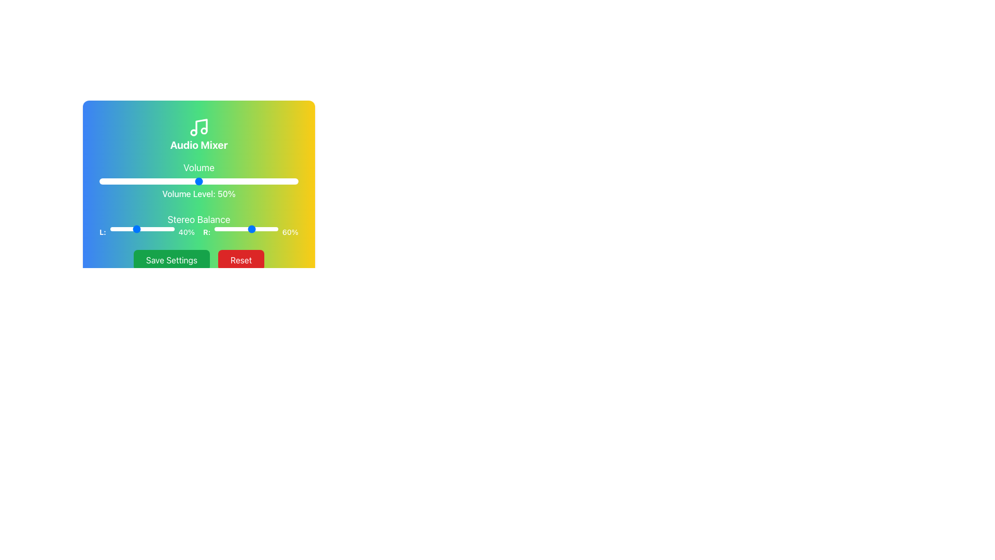 Image resolution: width=995 pixels, height=560 pixels. What do you see at coordinates (152, 229) in the screenshot?
I see `the slider` at bounding box center [152, 229].